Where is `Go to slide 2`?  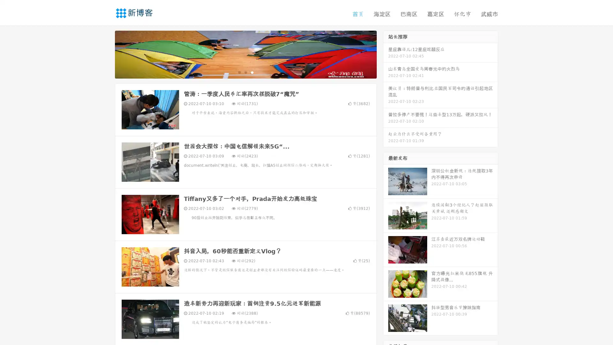 Go to slide 2 is located at coordinates (245, 72).